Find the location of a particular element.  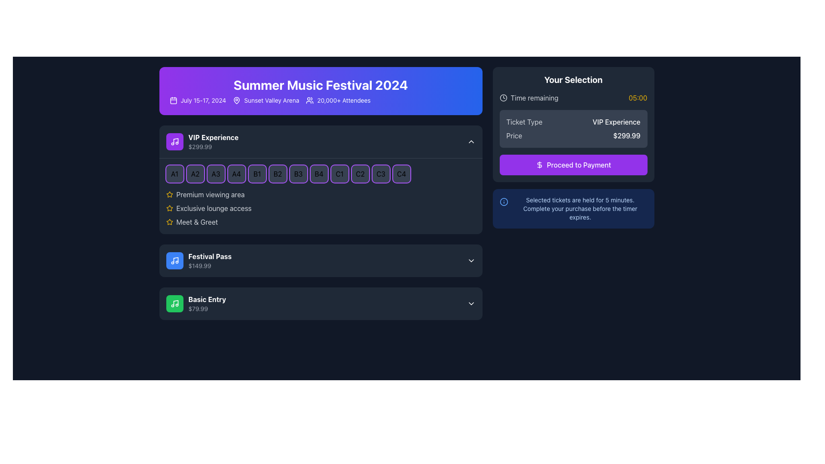

the 'Time remaining' text label in the sidebar section on the right side of the interface, which is styled with a modern font and appears against a dark background is located at coordinates (534, 97).